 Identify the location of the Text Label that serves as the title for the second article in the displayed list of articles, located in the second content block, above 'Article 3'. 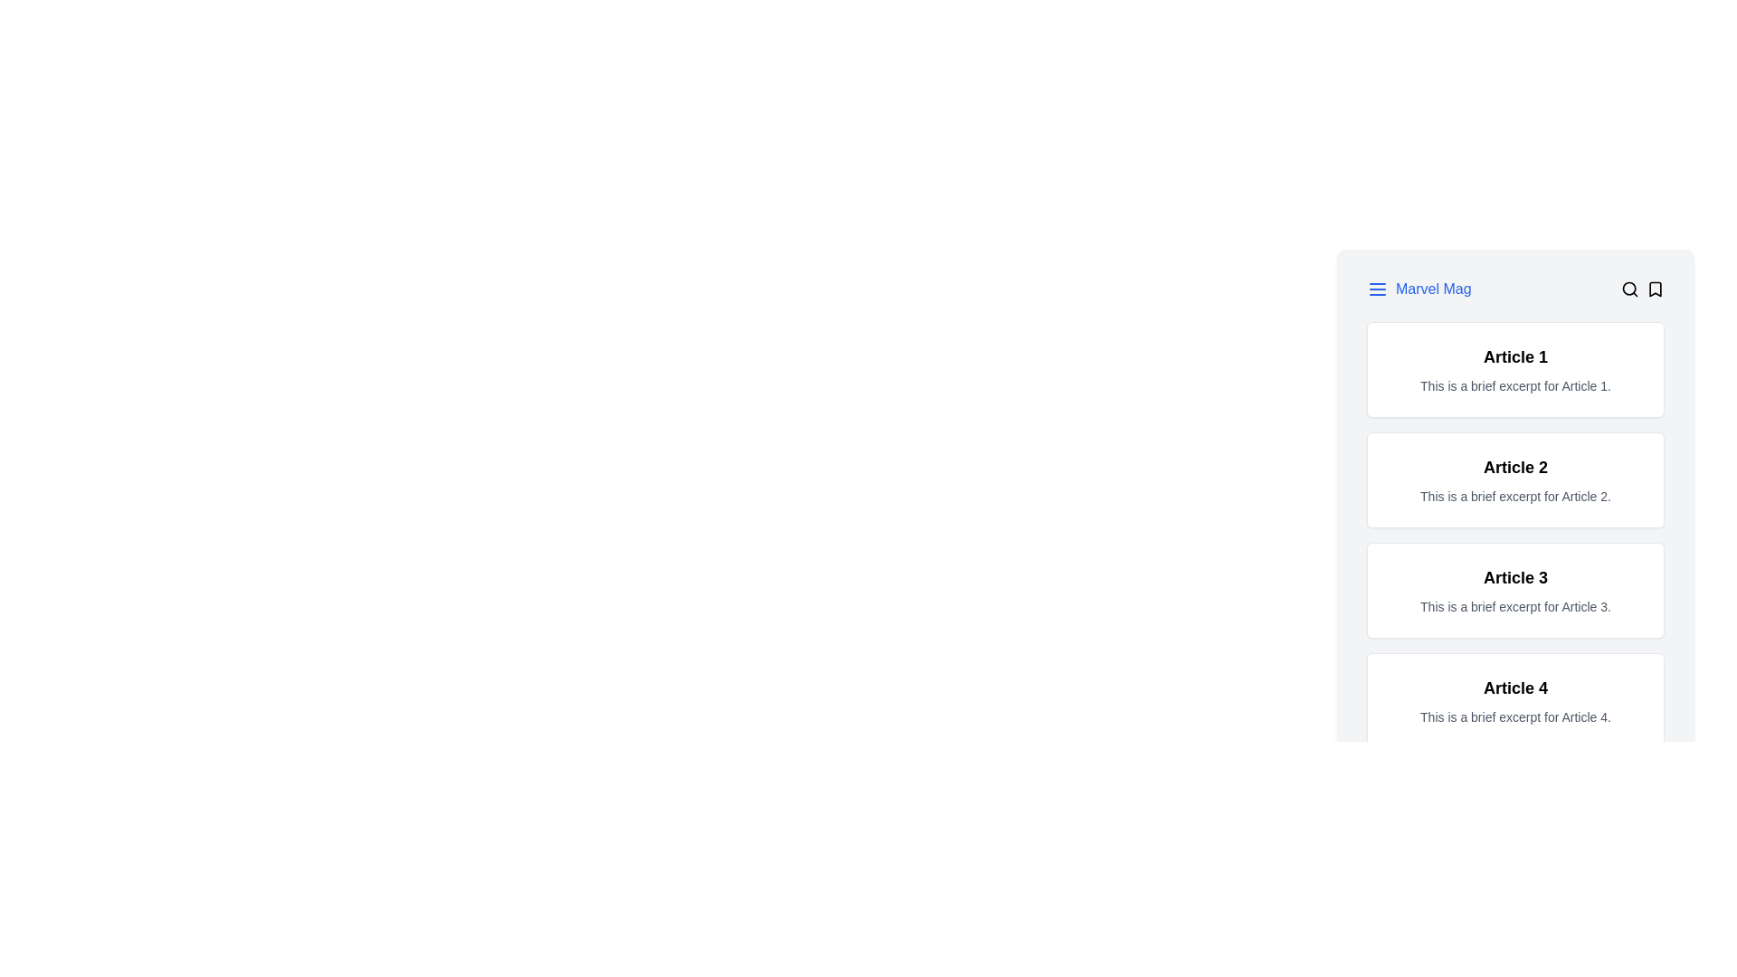
(1515, 466).